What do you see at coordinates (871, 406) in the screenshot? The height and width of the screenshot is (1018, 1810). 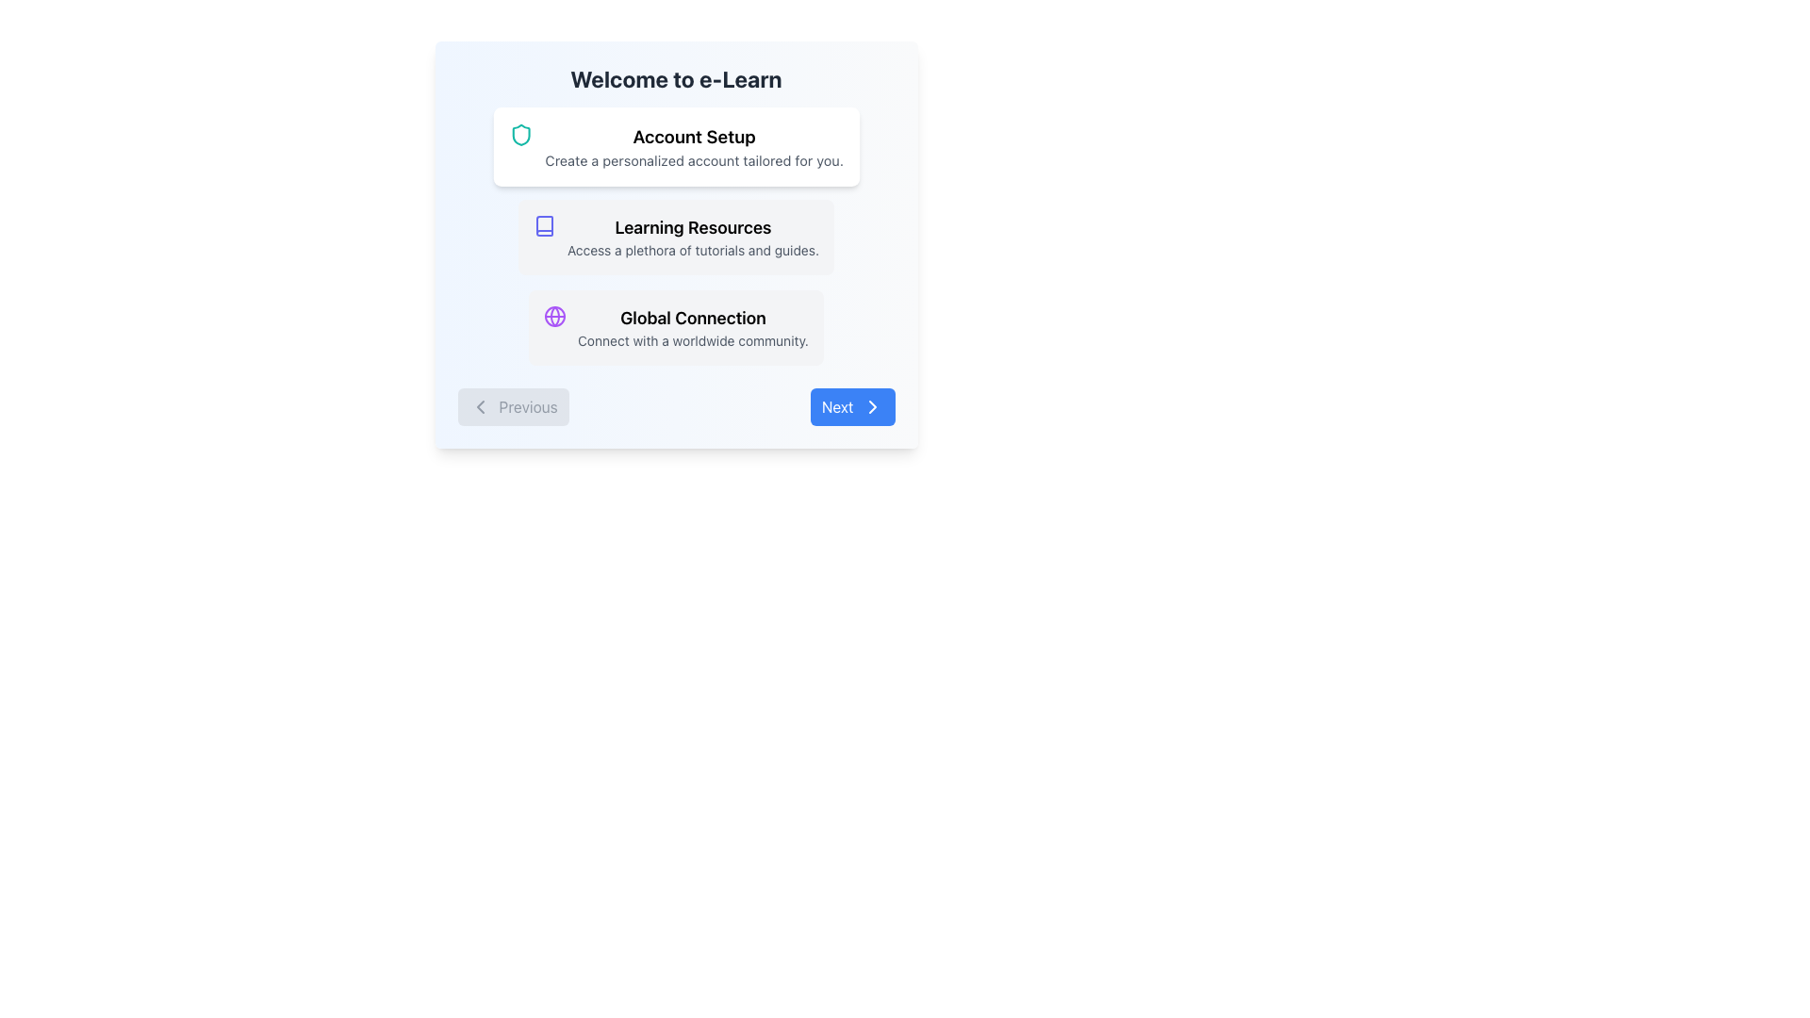 I see `the visual indicator icon associated with the 'Next' button located at the bottom right of the panel` at bounding box center [871, 406].